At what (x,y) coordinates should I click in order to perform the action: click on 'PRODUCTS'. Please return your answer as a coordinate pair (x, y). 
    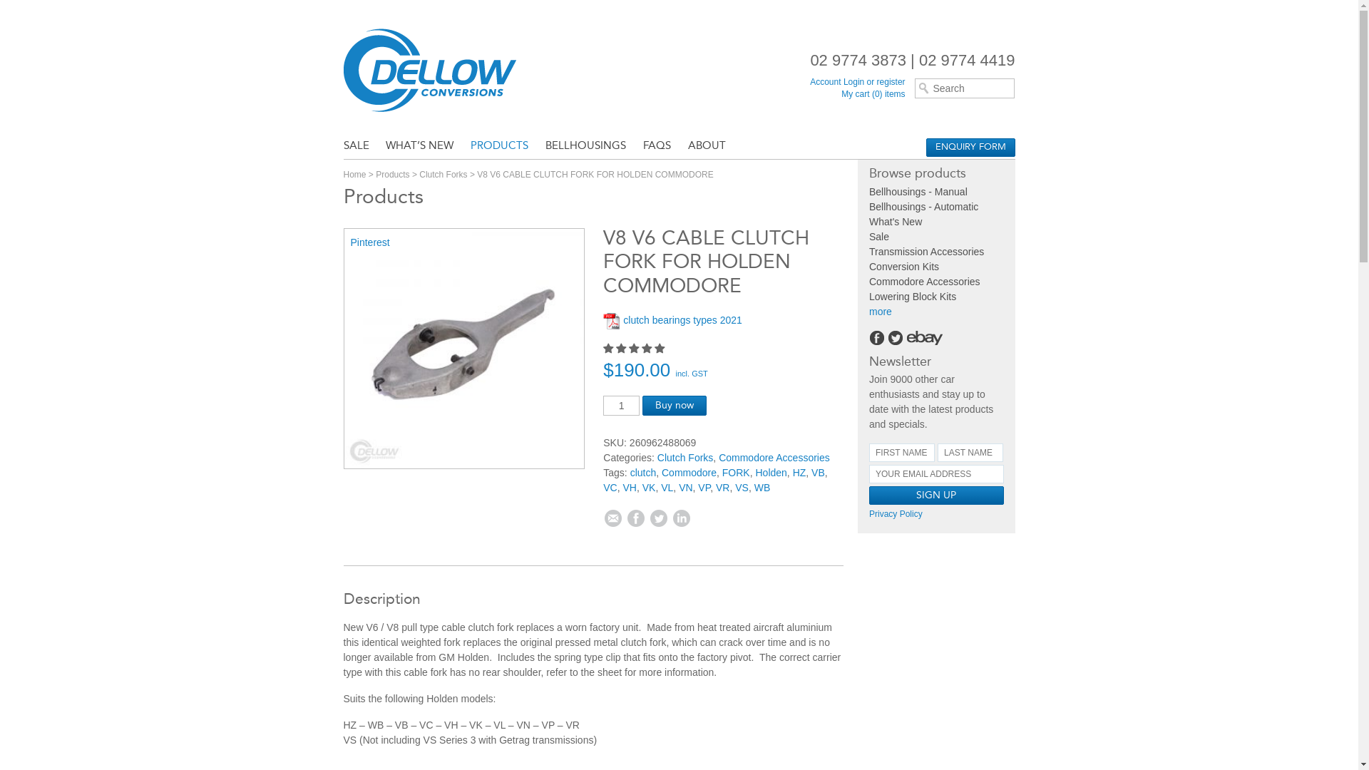
    Looking at the image, I should click on (499, 146).